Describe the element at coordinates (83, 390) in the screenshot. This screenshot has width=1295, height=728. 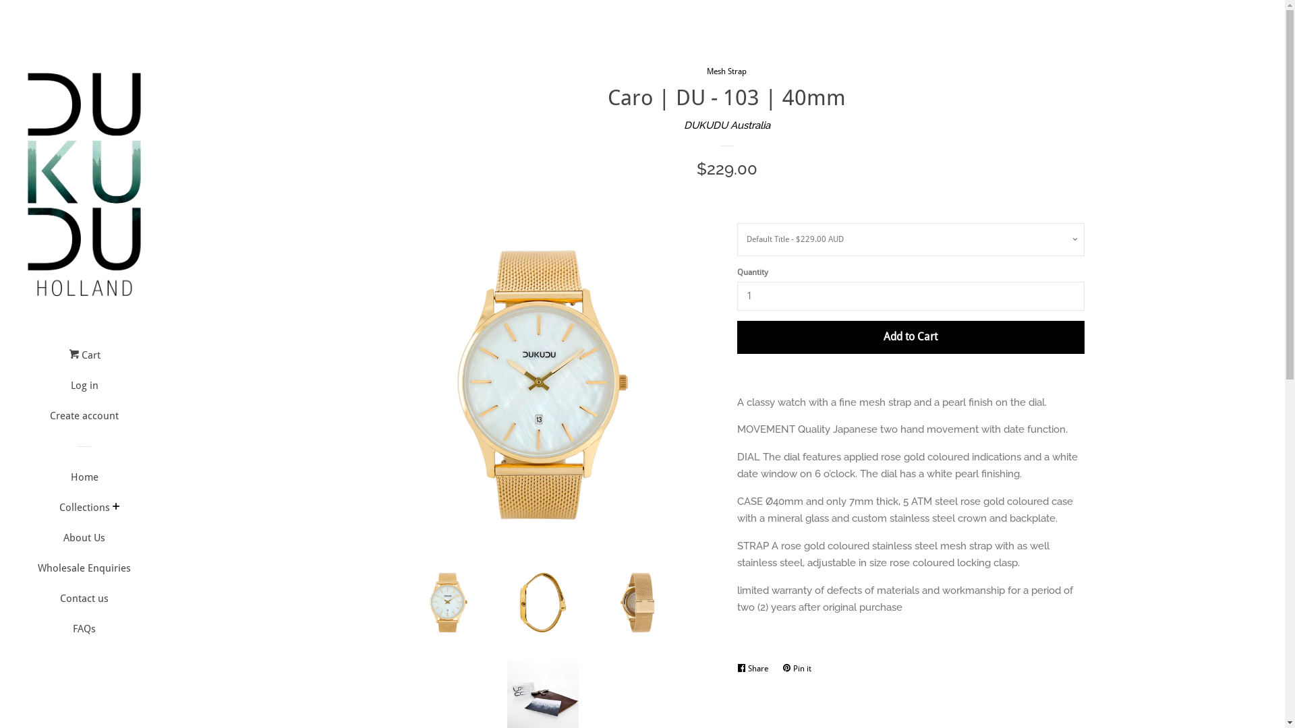
I see `'Log in'` at that location.